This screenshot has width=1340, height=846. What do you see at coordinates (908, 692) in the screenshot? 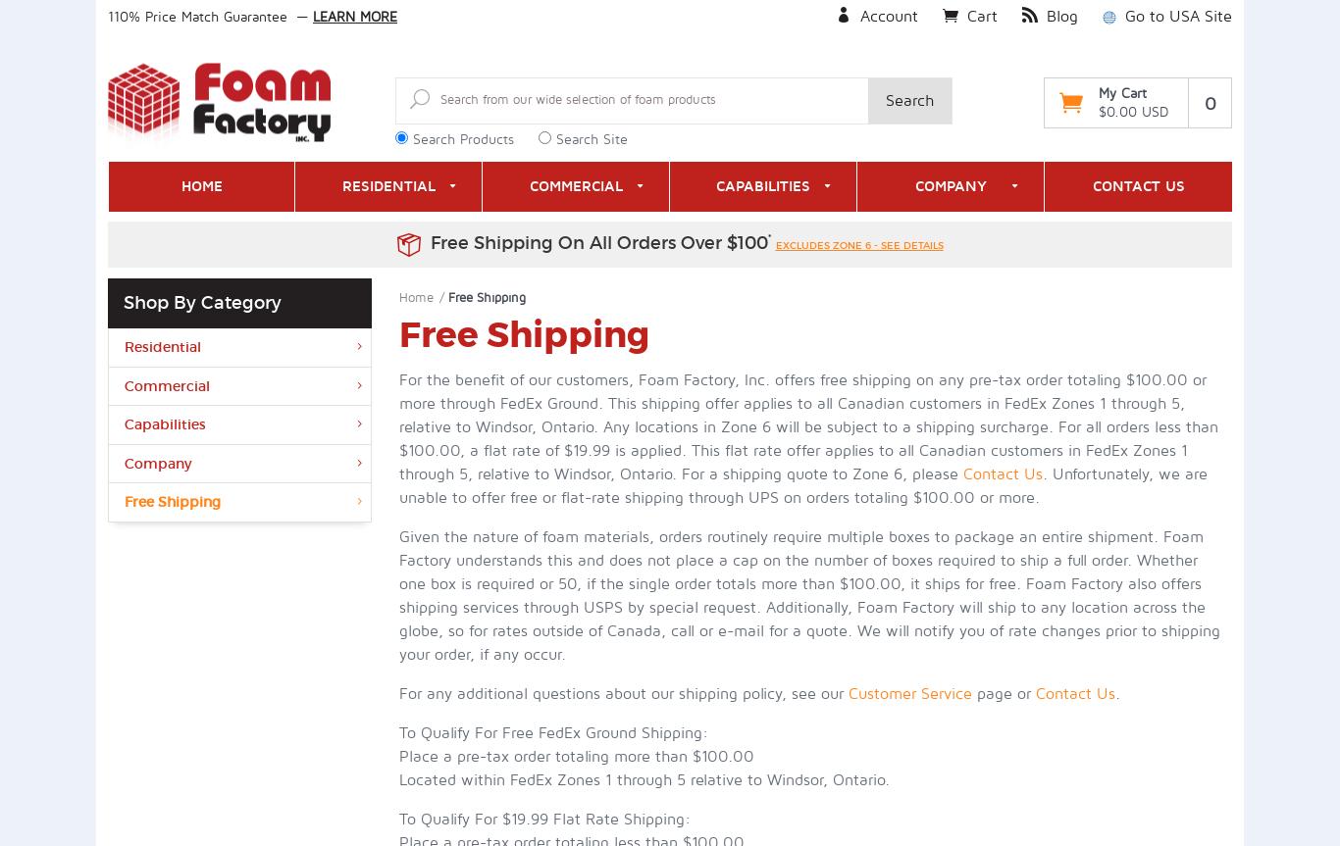
I see `'Customer Service'` at bounding box center [908, 692].